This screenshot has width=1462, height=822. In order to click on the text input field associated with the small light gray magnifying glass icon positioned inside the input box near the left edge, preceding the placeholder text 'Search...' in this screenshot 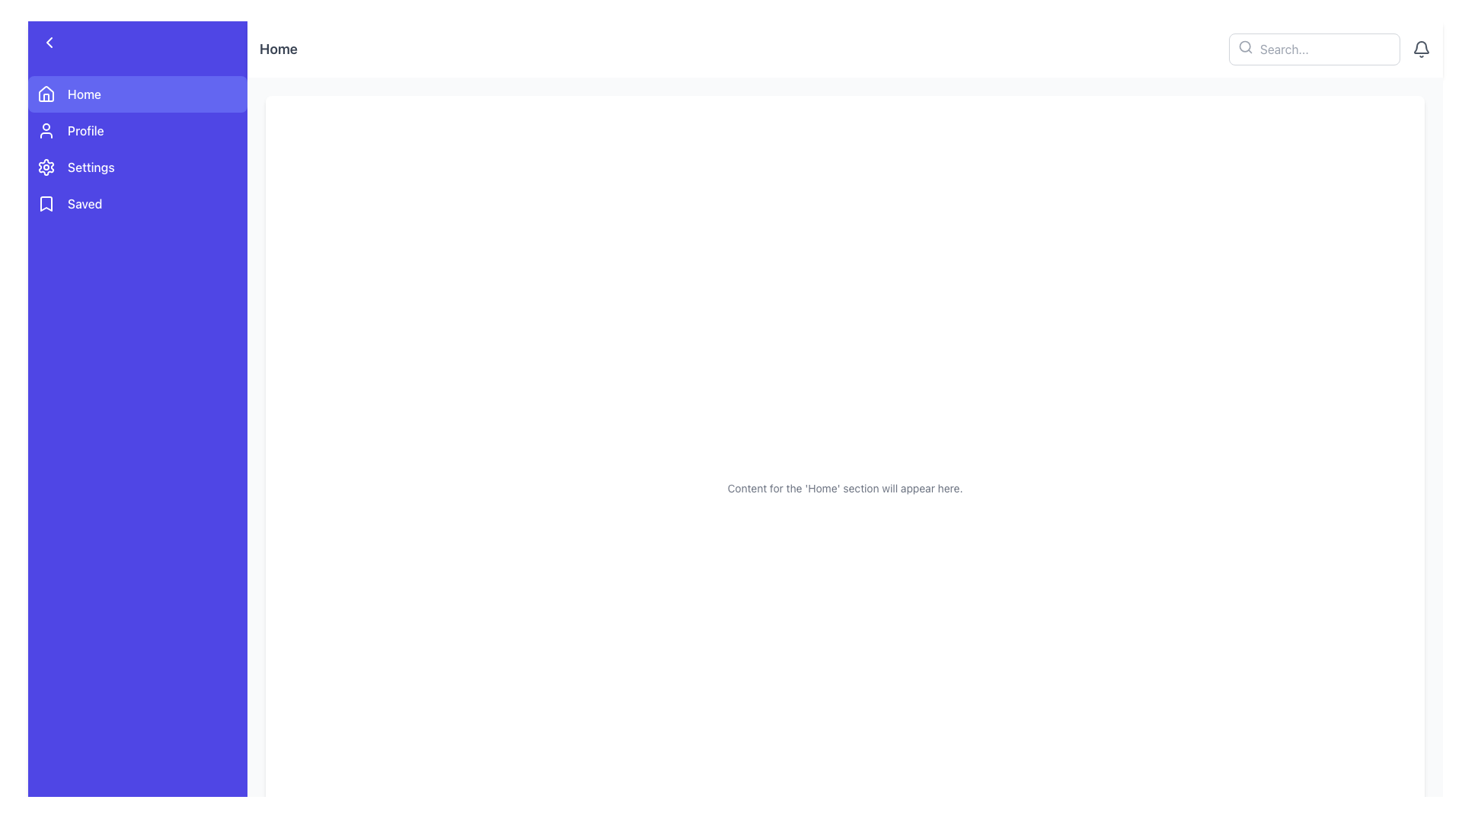, I will do `click(1246, 46)`.